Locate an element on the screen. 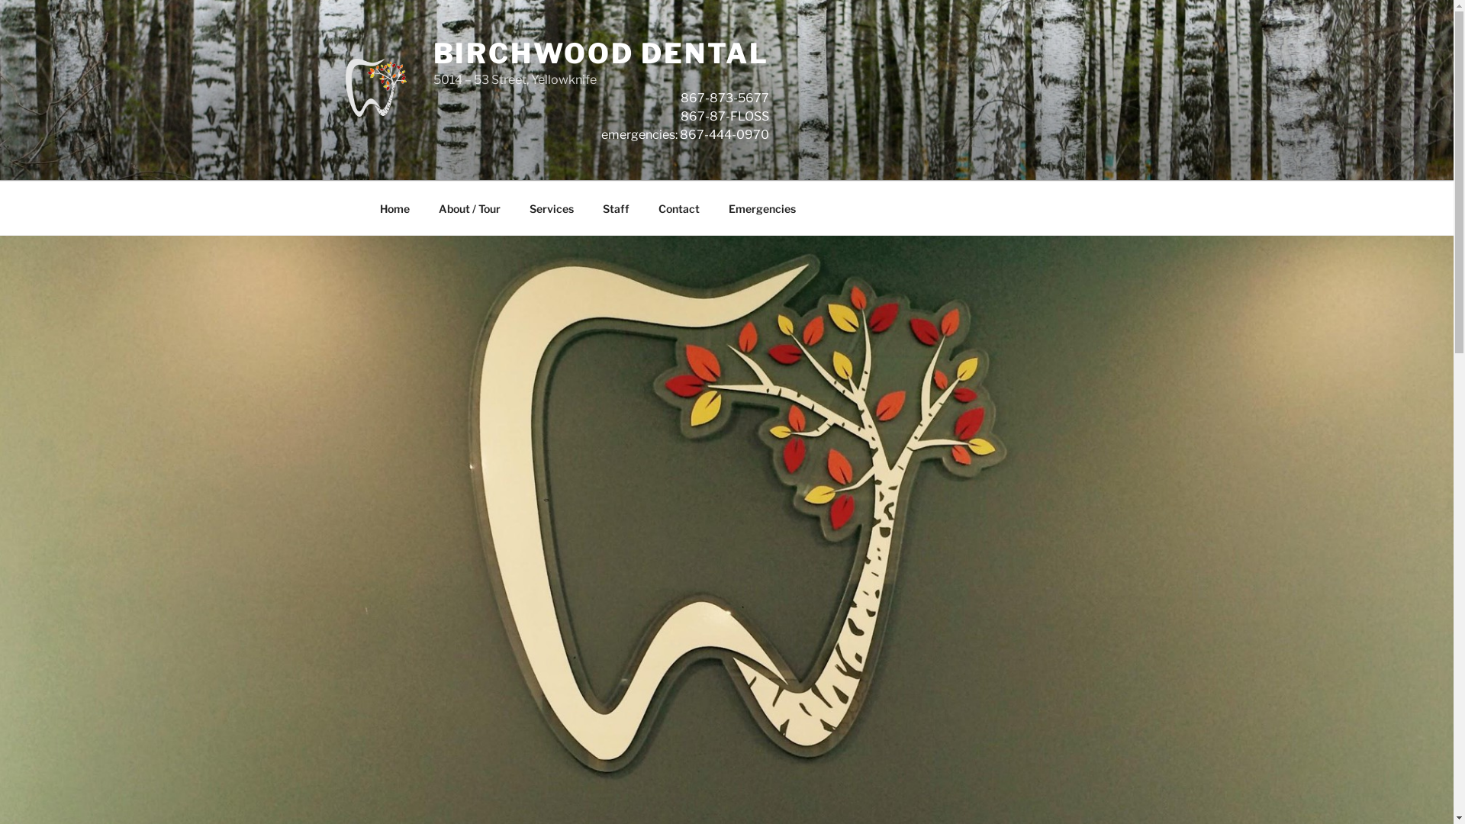  'Skip to content' is located at coordinates (0, 0).